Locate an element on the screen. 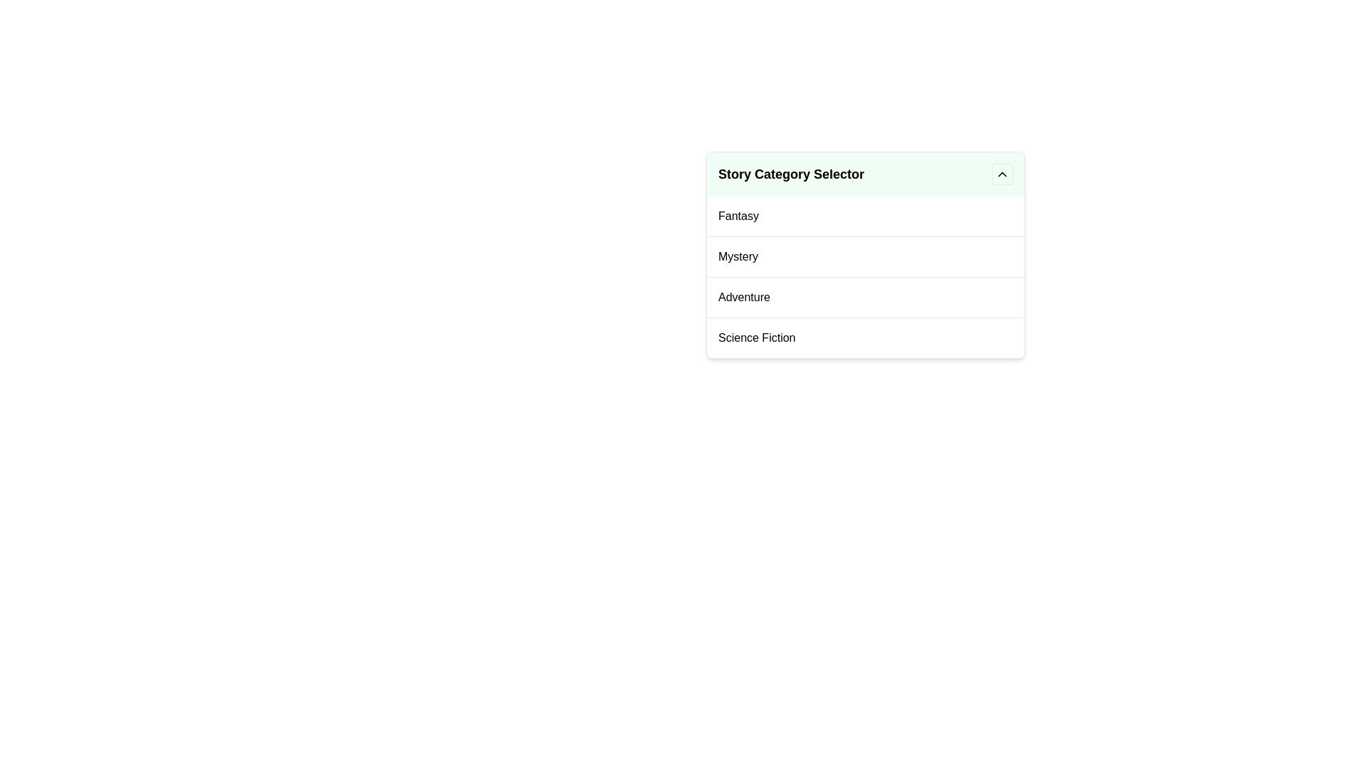 The image size is (1367, 769). the list item displaying the text 'Mystery' in the 'Story Category Selector' dropdown menu is located at coordinates (864, 254).